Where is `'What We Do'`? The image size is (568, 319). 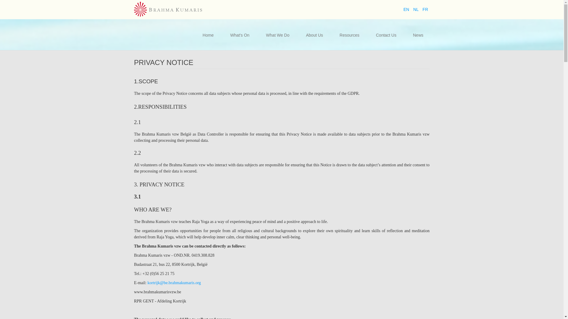 'What We Do' is located at coordinates (260, 35).